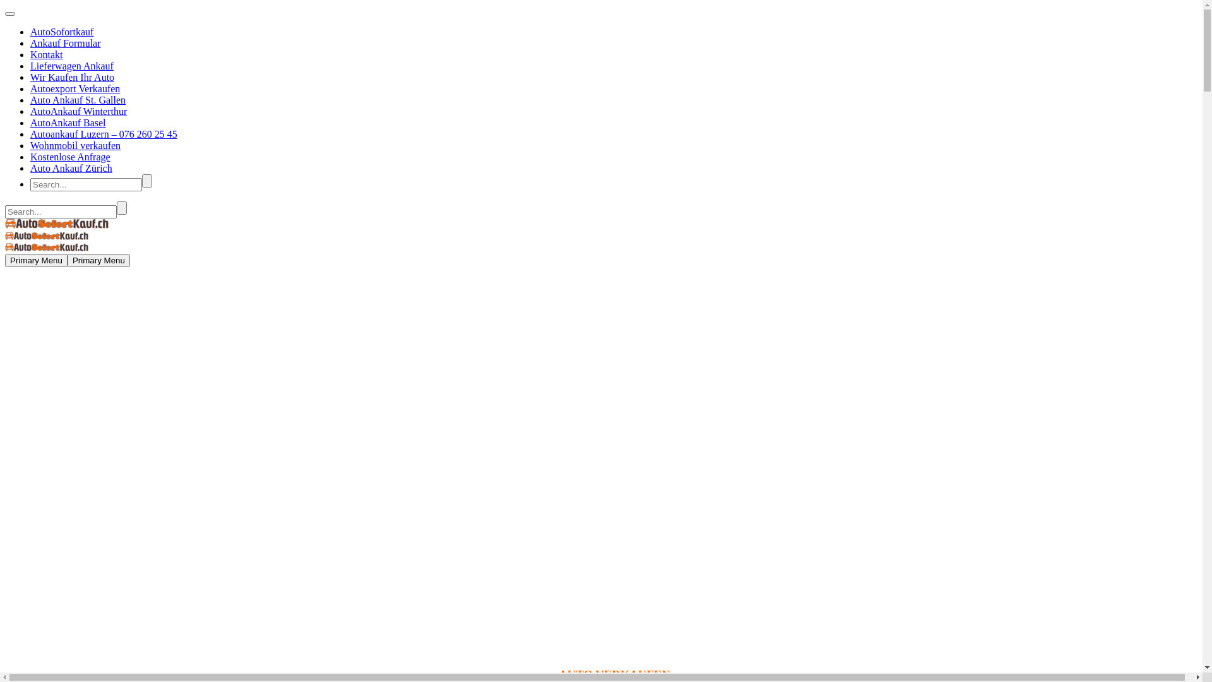 The image size is (1212, 682). Describe the element at coordinates (65, 42) in the screenshot. I see `'Ankauf Formular'` at that location.